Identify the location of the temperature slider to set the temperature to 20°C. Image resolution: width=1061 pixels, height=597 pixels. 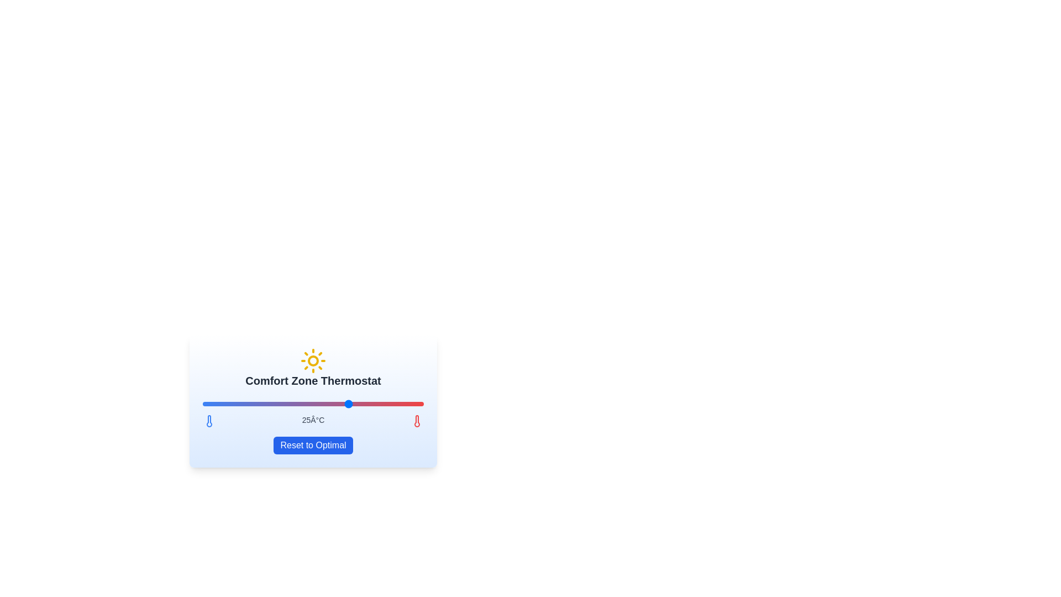
(276, 404).